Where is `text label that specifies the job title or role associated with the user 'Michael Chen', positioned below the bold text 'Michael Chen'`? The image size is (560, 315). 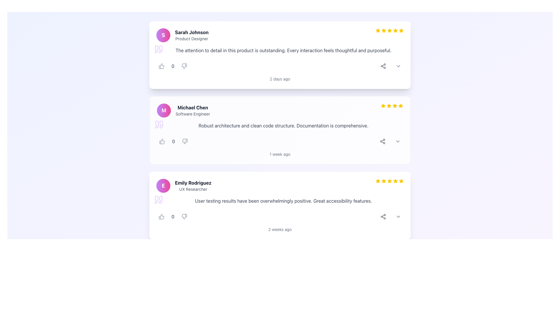
text label that specifies the job title or role associated with the user 'Michael Chen', positioned below the bold text 'Michael Chen' is located at coordinates (193, 114).